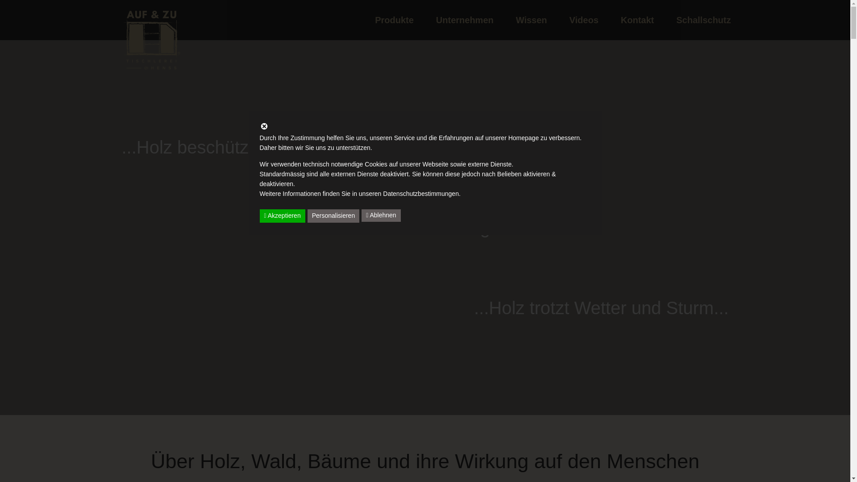  What do you see at coordinates (637, 20) in the screenshot?
I see `'Kontakt'` at bounding box center [637, 20].